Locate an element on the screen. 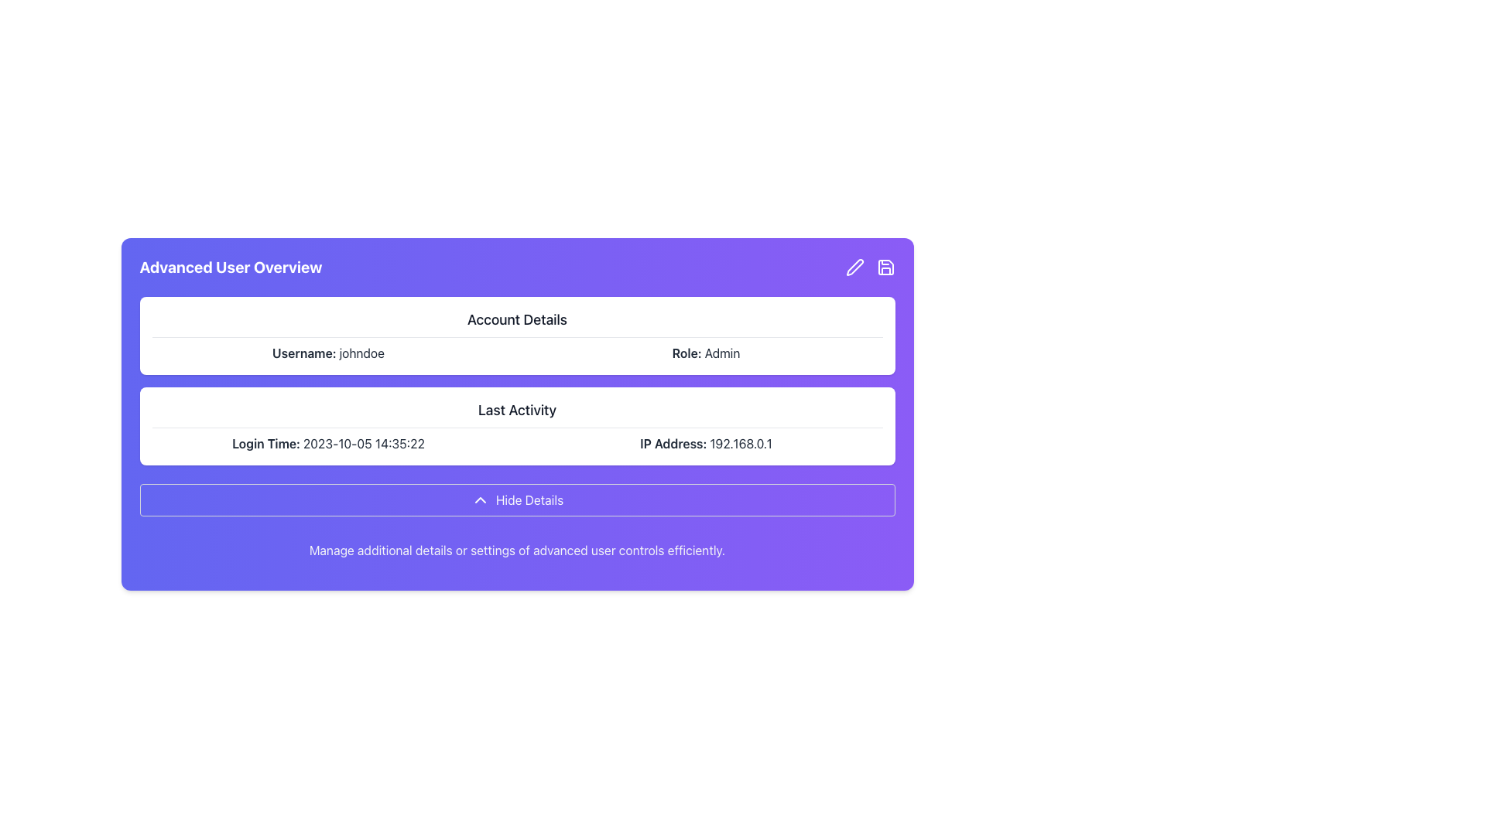 The image size is (1486, 835). the 'save' icon button, which resembles a floppy disk, located in the top-right corner of a purple UI card is located at coordinates (885, 267).